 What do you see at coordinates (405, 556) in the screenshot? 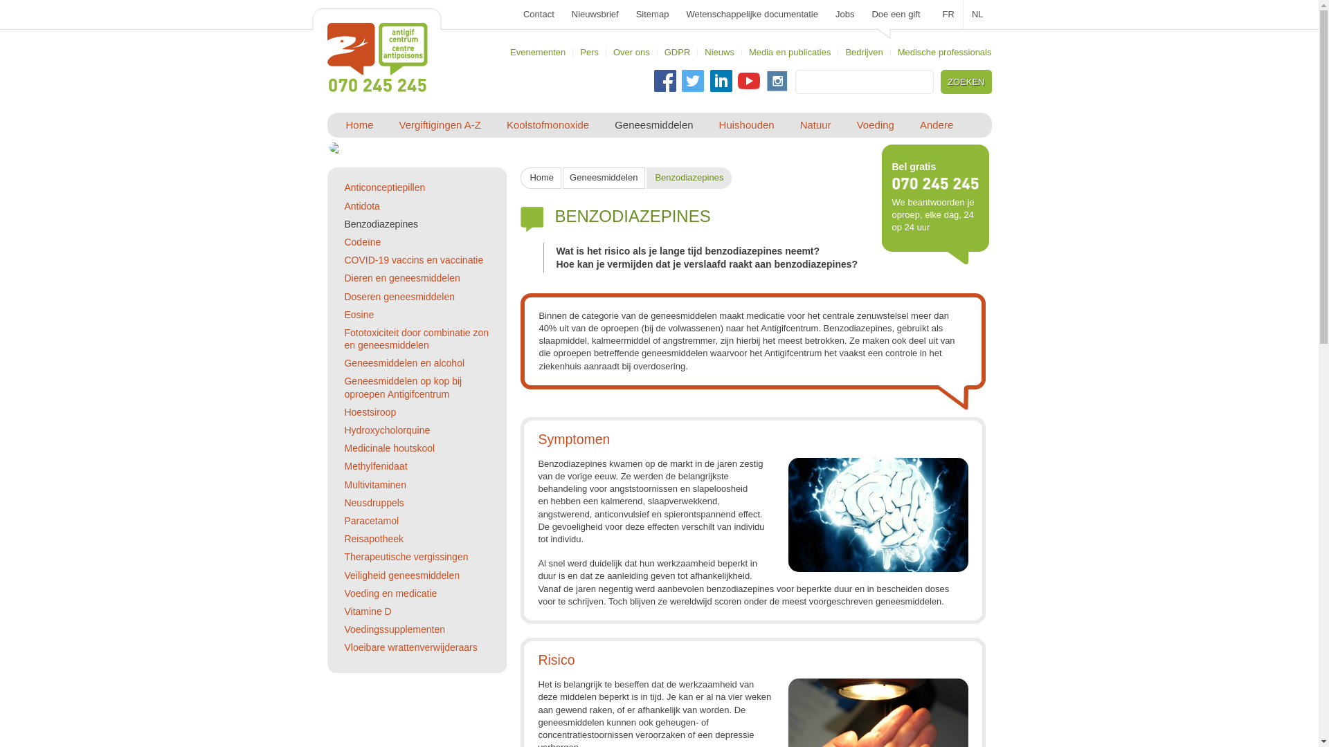
I see `'Therapeutische vergissingen'` at bounding box center [405, 556].